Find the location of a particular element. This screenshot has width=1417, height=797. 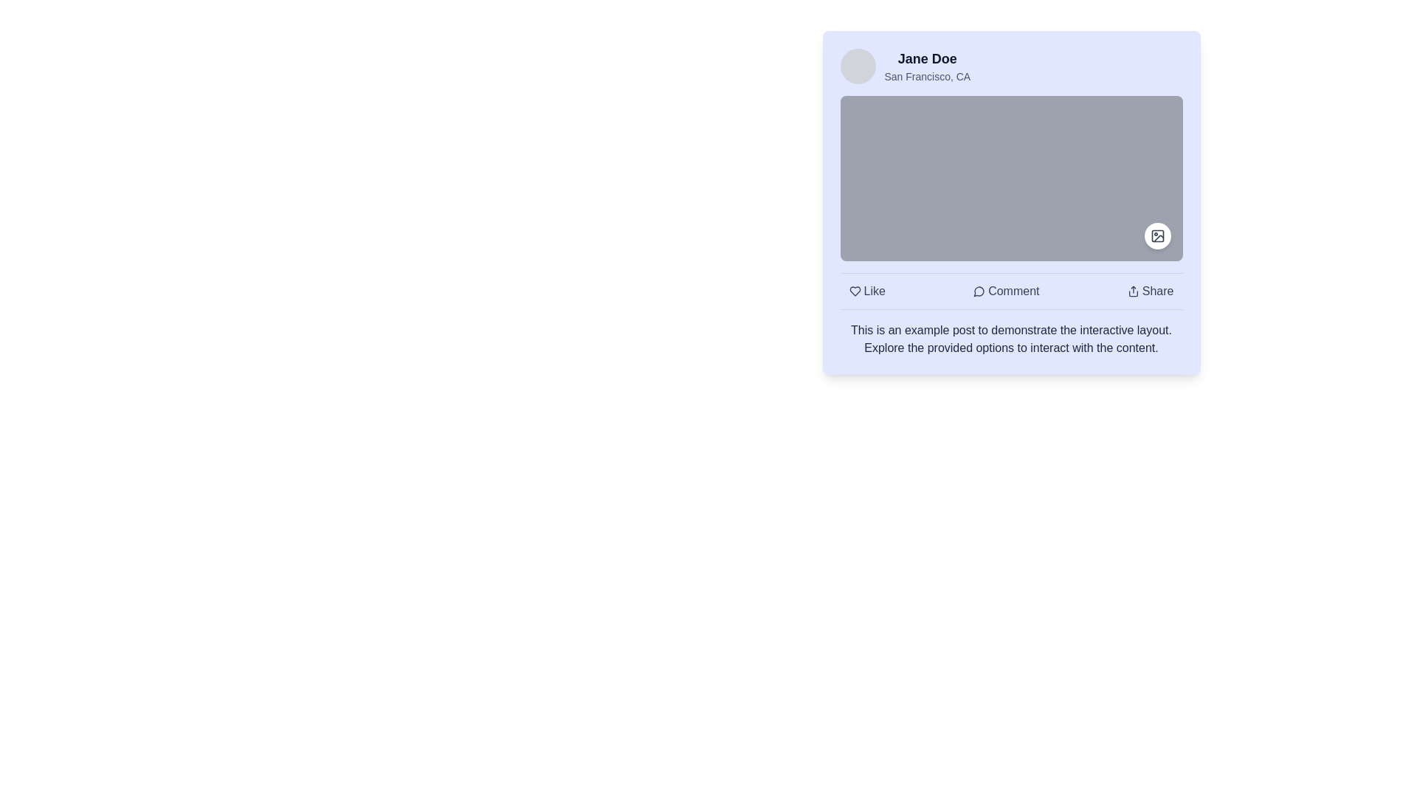

the 'Comment' button is located at coordinates (1005, 291).